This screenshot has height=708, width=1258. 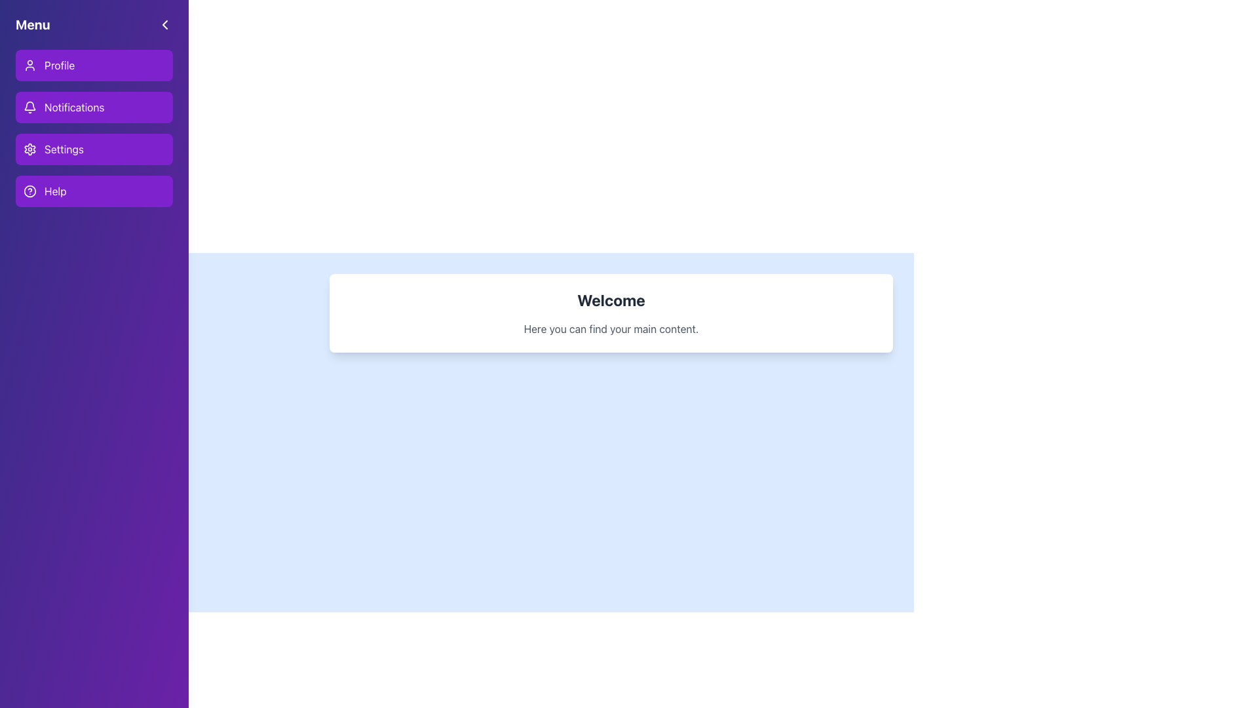 What do you see at coordinates (610, 300) in the screenshot?
I see `the Text Label that serves as a header for the content section, providing context to the user about the section's purpose` at bounding box center [610, 300].